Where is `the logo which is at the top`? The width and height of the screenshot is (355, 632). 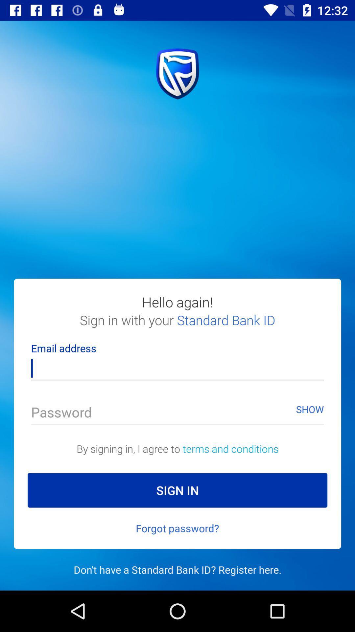 the logo which is at the top is located at coordinates (177, 74).